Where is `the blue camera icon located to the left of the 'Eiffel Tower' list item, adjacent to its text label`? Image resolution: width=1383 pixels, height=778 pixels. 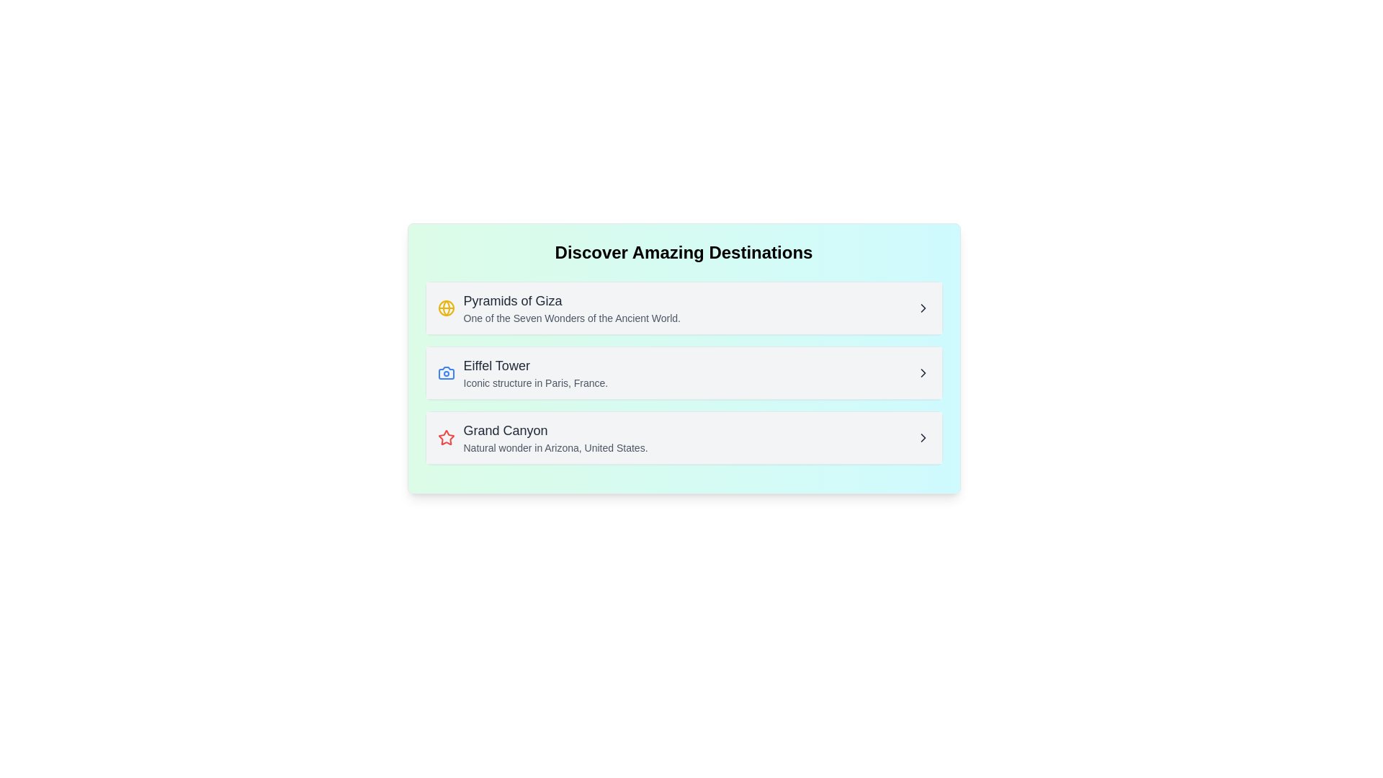 the blue camera icon located to the left of the 'Eiffel Tower' list item, adjacent to its text label is located at coordinates (445, 372).